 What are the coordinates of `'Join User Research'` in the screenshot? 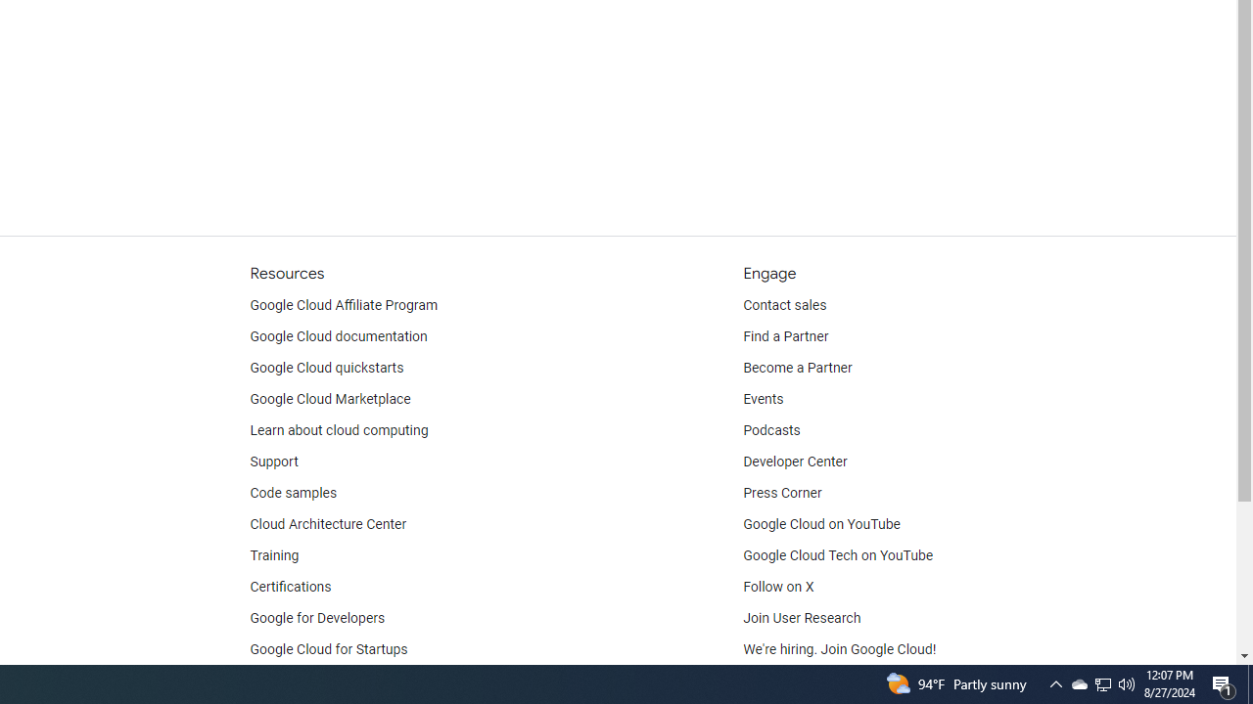 It's located at (802, 618).